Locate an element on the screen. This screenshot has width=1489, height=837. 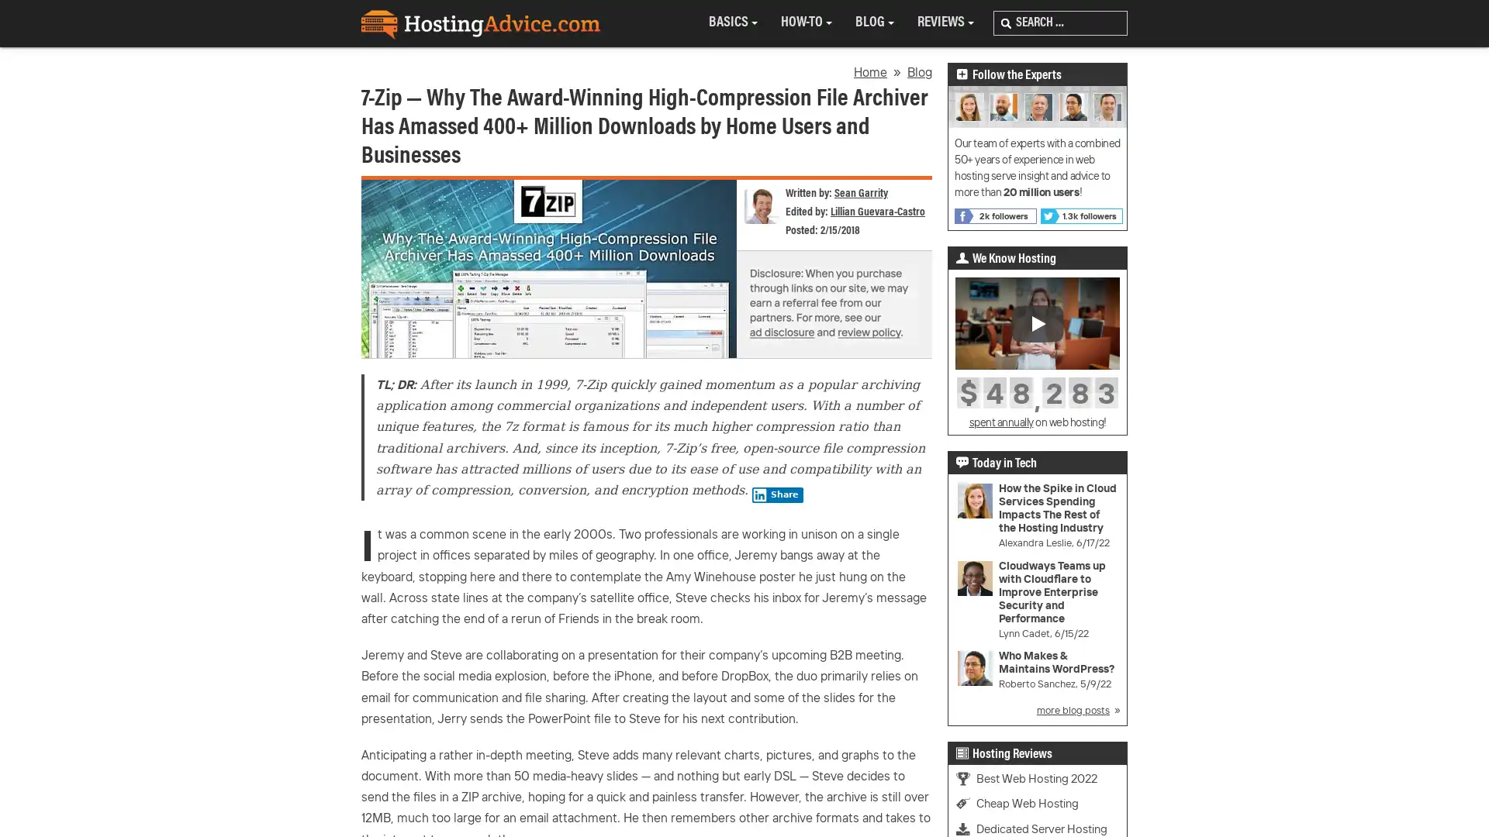
Play is located at coordinates (1038, 322).